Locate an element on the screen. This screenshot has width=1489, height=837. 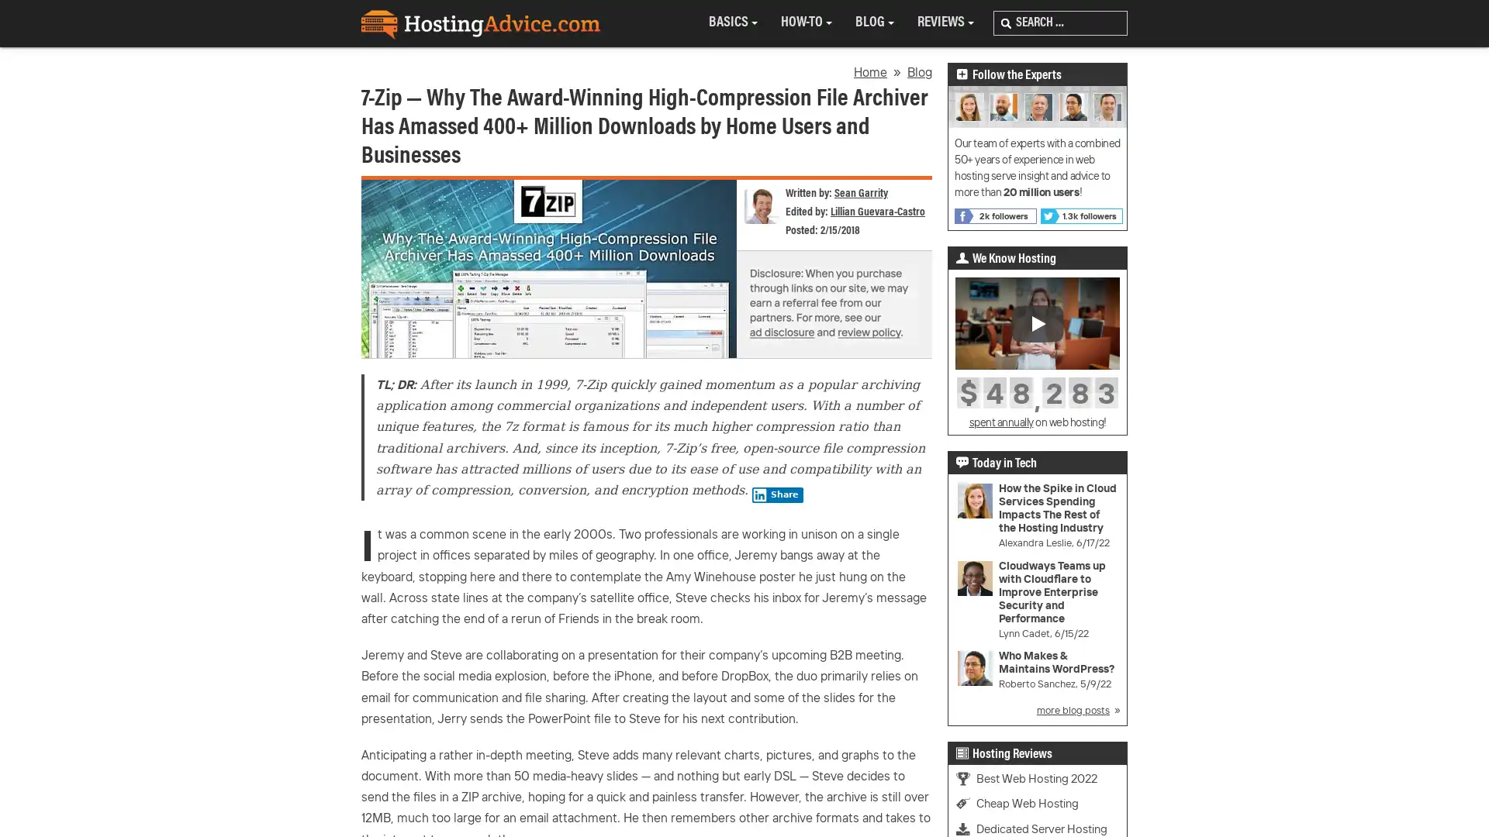
Play is located at coordinates (1038, 322).